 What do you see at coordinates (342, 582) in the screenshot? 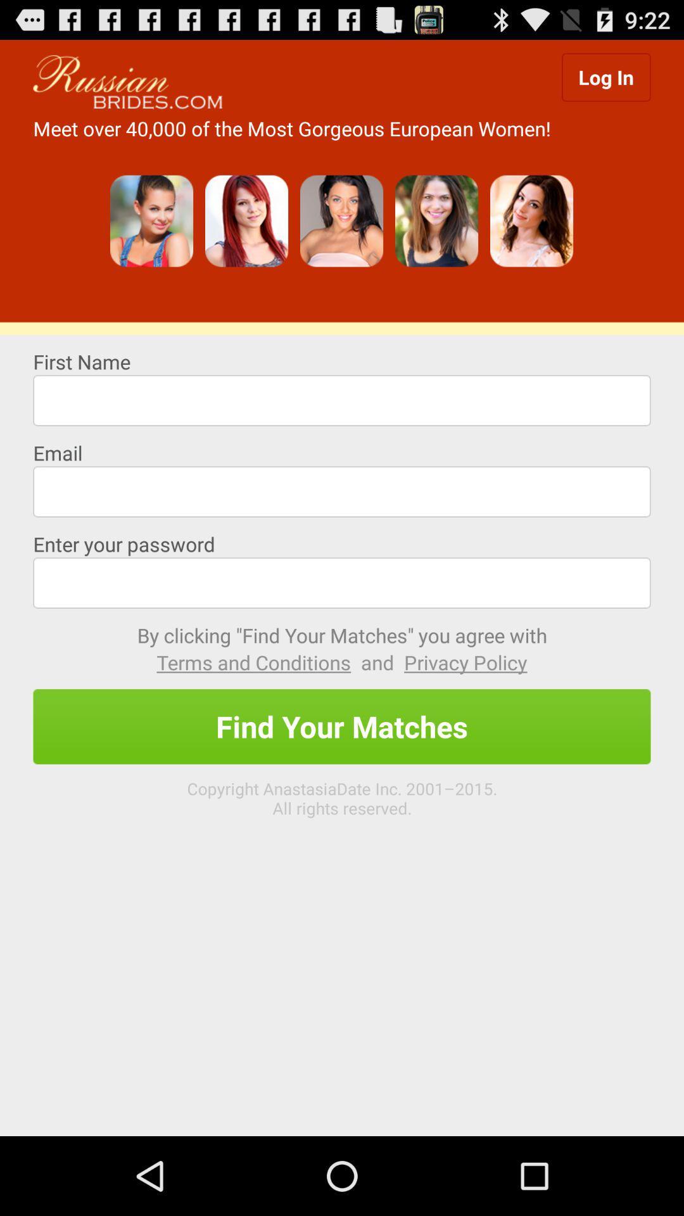
I see `password text field` at bounding box center [342, 582].